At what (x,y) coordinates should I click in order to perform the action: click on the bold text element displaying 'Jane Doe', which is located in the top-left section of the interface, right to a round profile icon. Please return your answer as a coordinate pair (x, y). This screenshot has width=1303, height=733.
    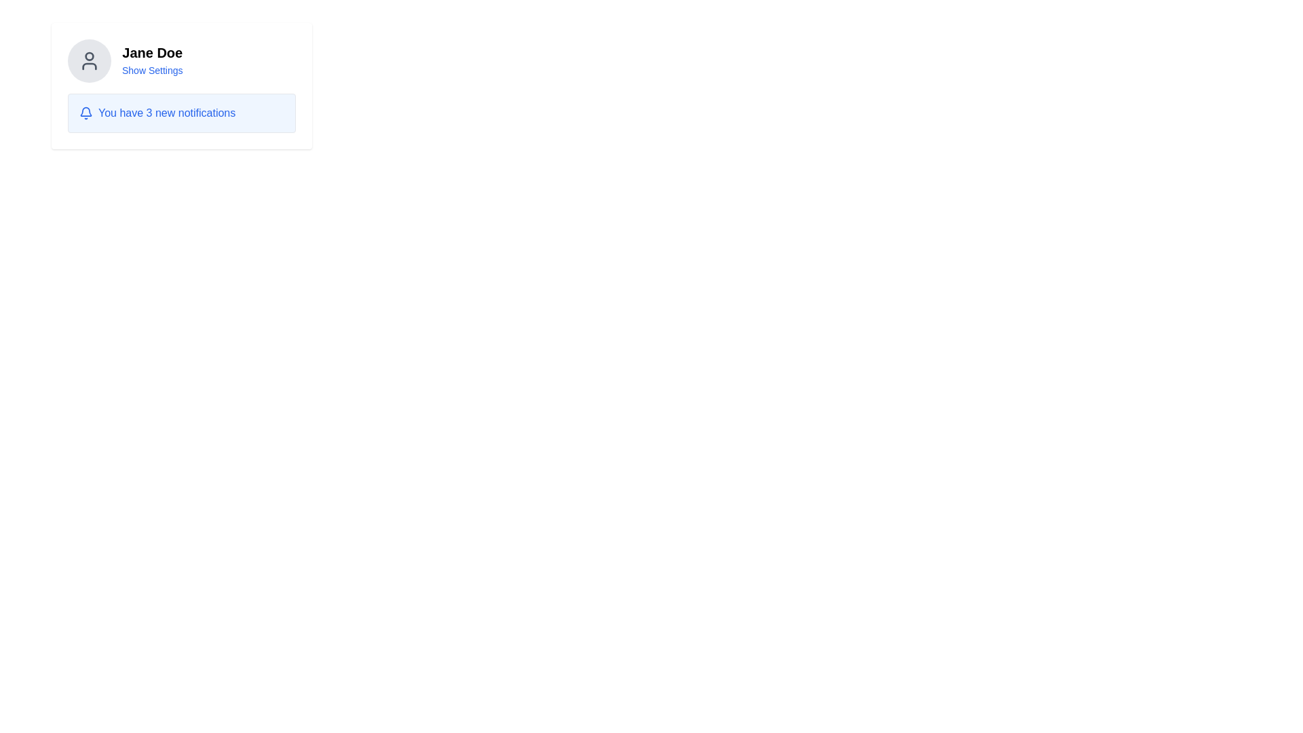
    Looking at the image, I should click on (152, 52).